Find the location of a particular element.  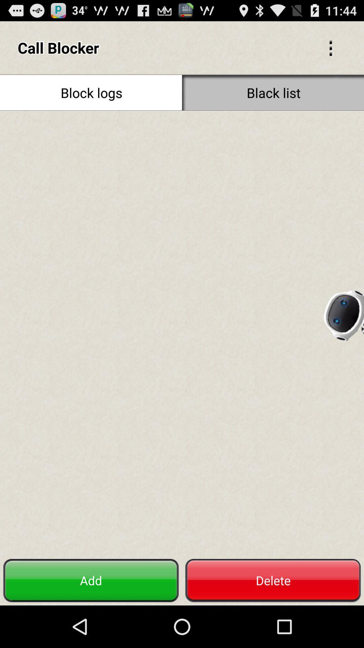

the delete item is located at coordinates (273, 580).